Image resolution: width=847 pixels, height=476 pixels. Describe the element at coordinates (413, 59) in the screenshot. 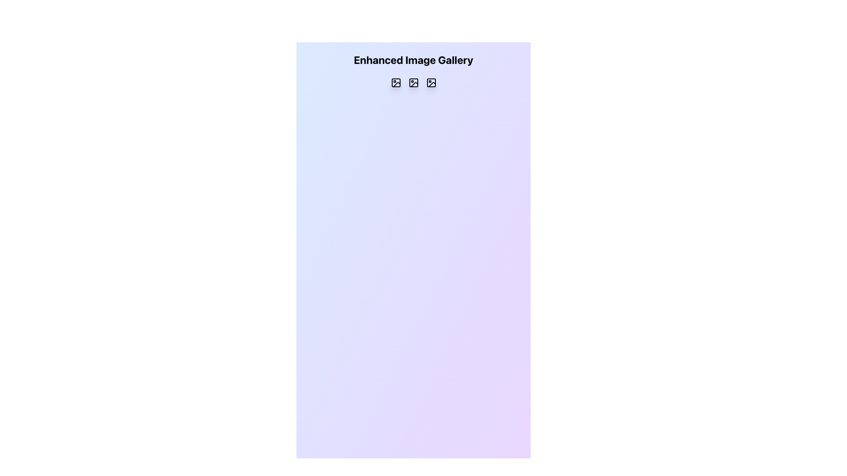

I see `static text element that serves as the header for the section, identifying the content as 'Enhanced Image Gallery'` at that location.